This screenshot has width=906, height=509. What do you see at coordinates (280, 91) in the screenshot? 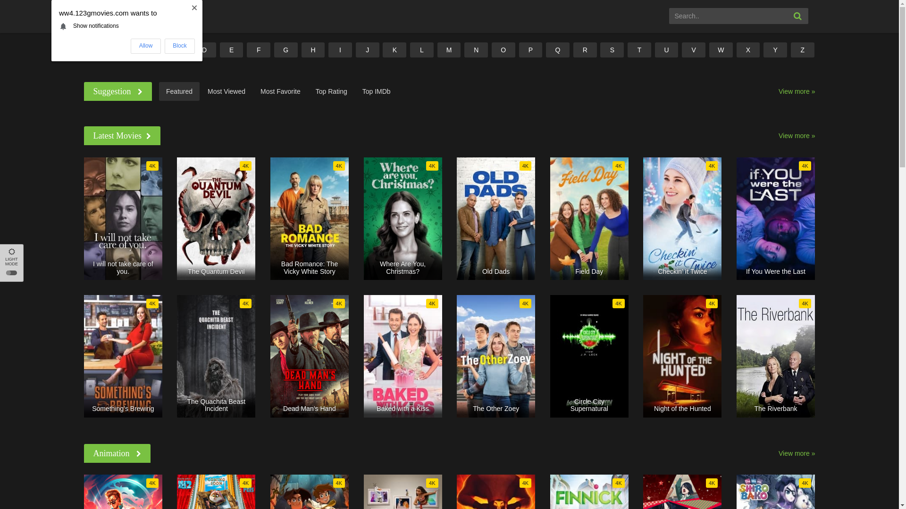
I see `'Most Favorite'` at bounding box center [280, 91].